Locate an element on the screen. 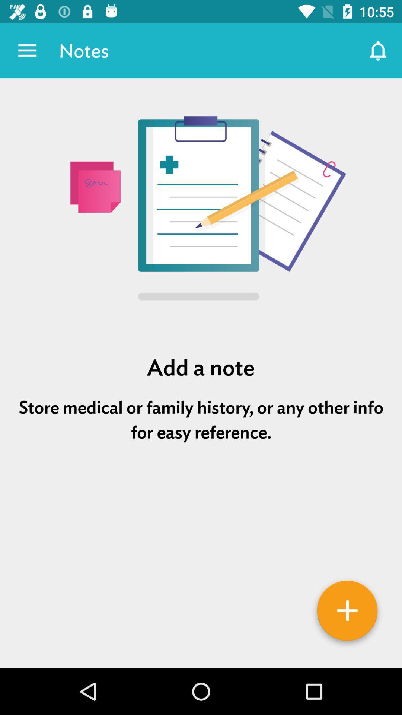  new note is located at coordinates (347, 613).